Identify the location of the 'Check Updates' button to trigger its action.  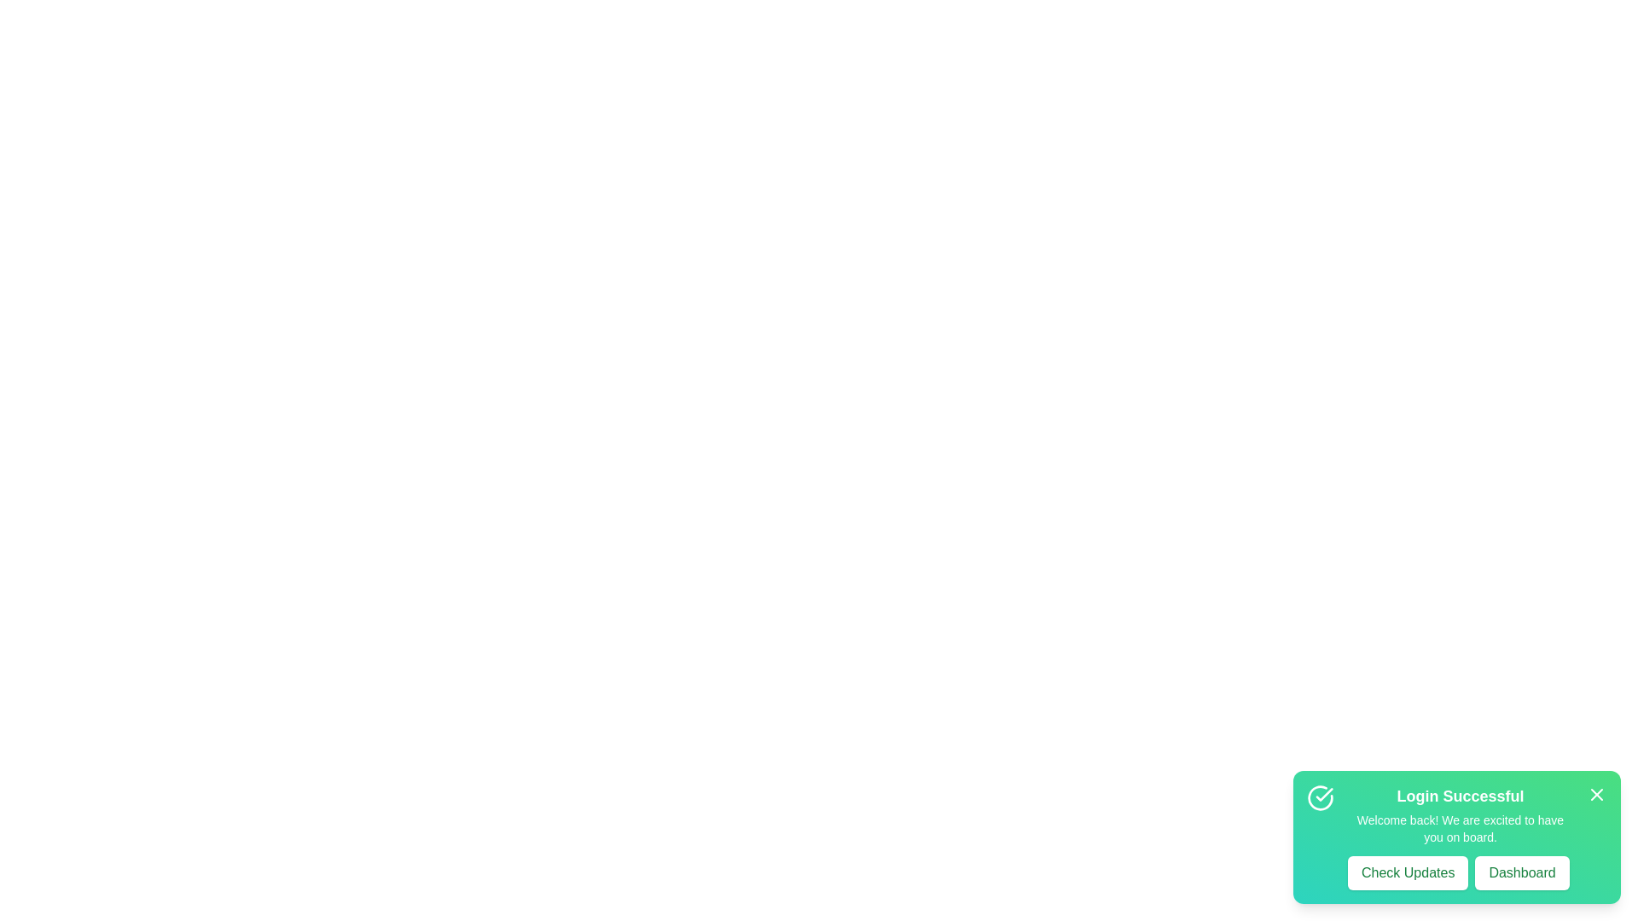
(1408, 872).